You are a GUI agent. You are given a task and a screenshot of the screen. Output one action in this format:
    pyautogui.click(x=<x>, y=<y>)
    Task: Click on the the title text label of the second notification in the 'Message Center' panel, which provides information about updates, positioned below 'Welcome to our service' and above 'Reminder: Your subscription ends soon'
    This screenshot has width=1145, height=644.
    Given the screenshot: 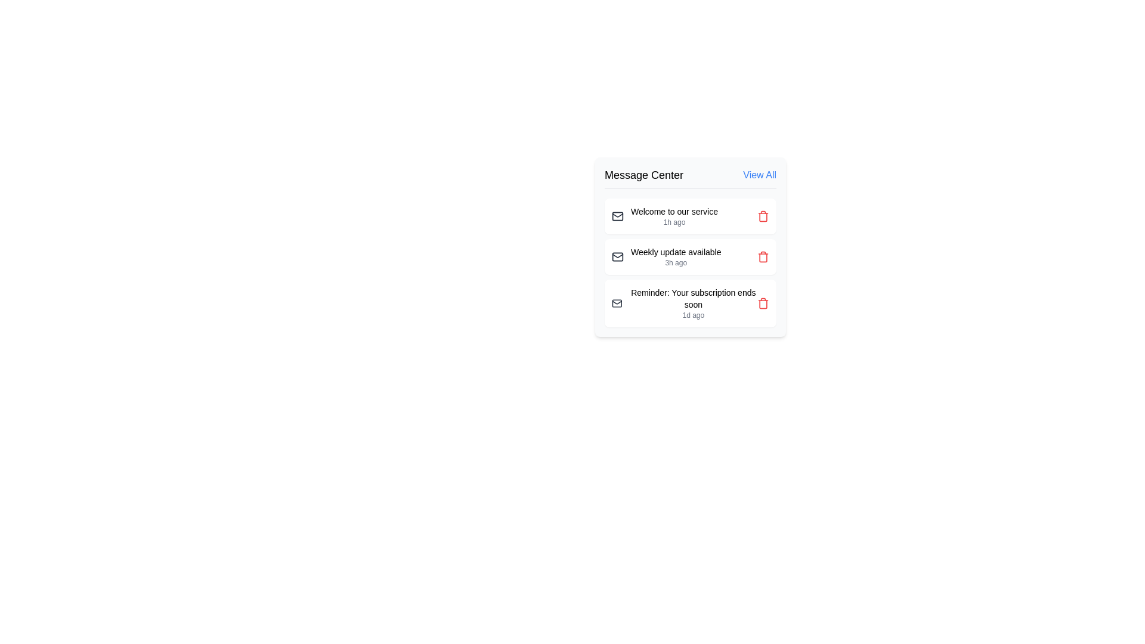 What is the action you would take?
    pyautogui.click(x=676, y=252)
    